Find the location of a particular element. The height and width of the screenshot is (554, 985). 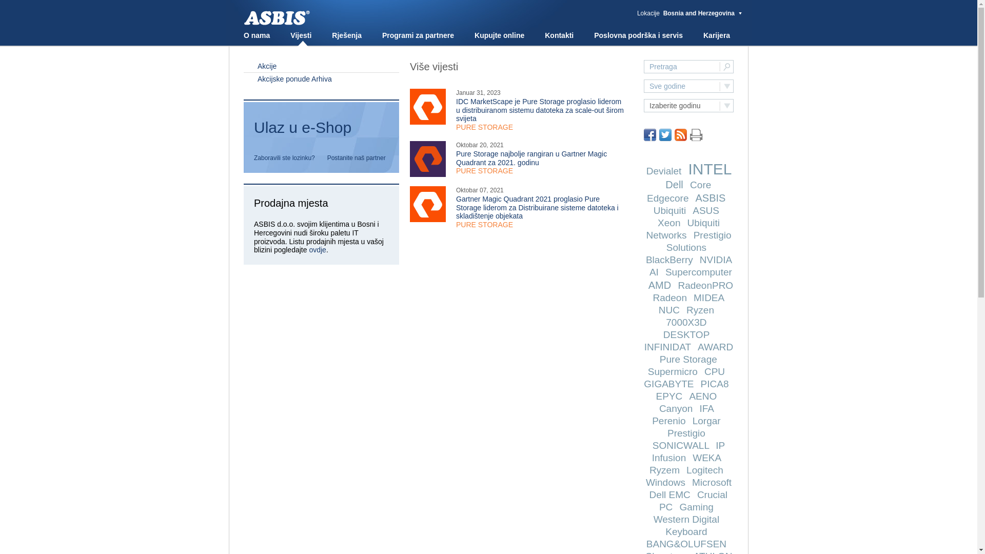

'SONICWALL' is located at coordinates (681, 445).